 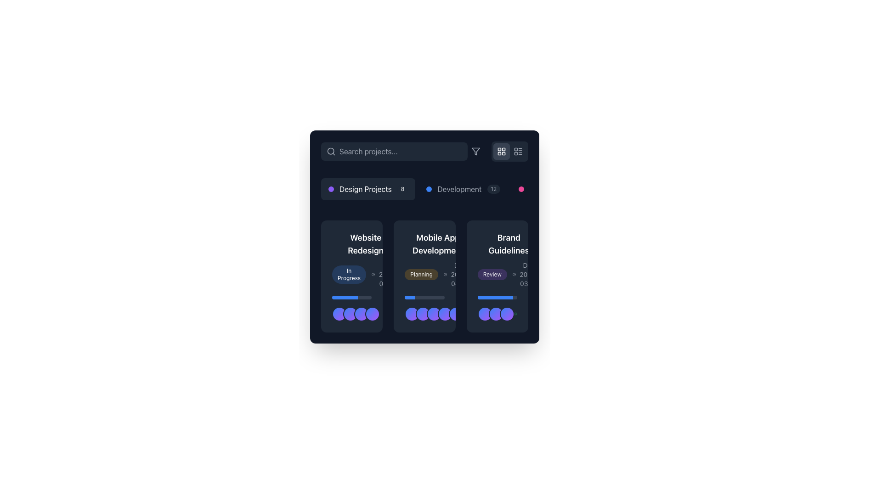 What do you see at coordinates (424, 276) in the screenshot?
I see `the 'Mobile App Development' project overview card, which is the second card in a three-column grid layout, located centrally between the 'Website Redesign' and 'Brand Guidelines' cards` at bounding box center [424, 276].